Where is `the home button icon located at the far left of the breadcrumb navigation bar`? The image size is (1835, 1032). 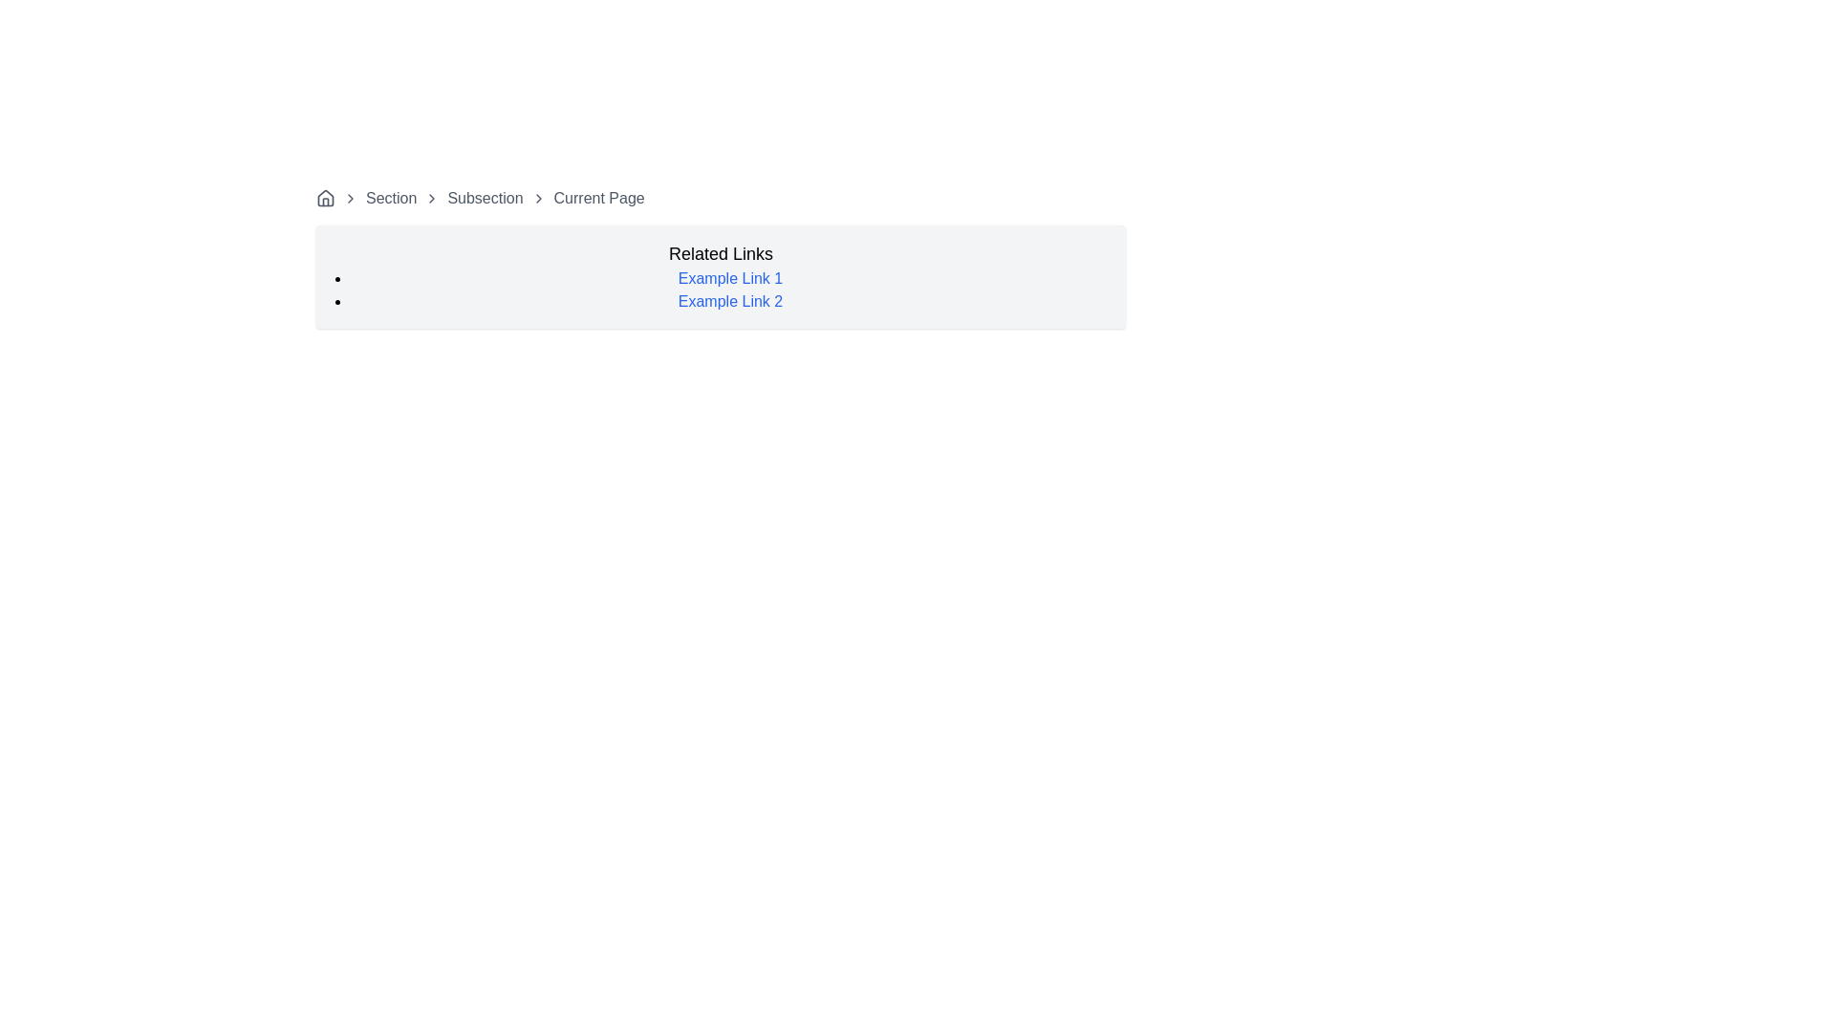 the home button icon located at the far left of the breadcrumb navigation bar is located at coordinates (325, 199).